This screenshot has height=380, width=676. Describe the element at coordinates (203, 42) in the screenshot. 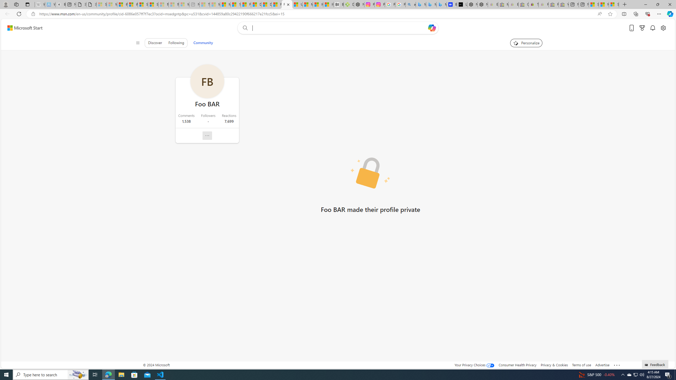

I see `'Community'` at that location.